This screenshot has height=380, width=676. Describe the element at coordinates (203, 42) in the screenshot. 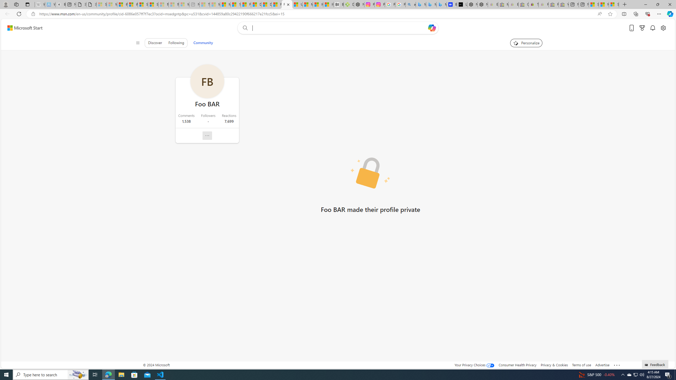

I see `'Community'` at that location.